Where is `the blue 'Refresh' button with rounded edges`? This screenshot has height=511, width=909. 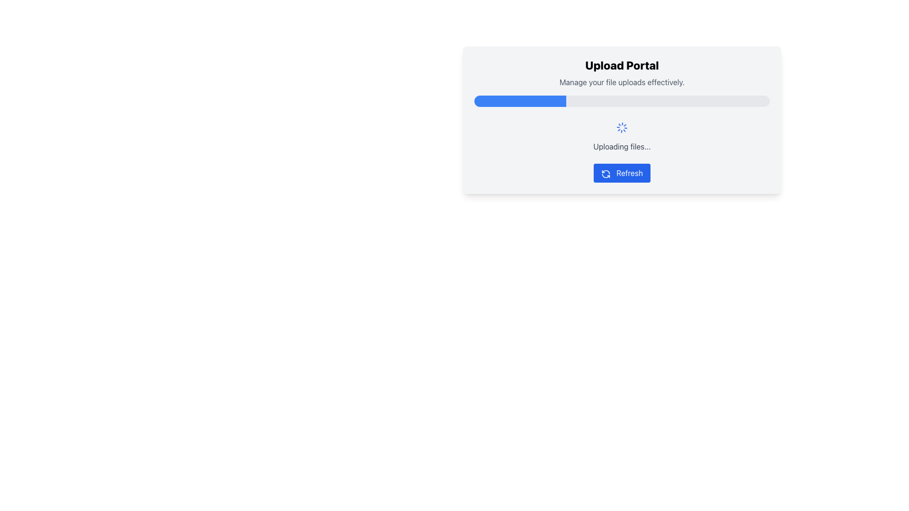
the blue 'Refresh' button with rounded edges is located at coordinates (622, 173).